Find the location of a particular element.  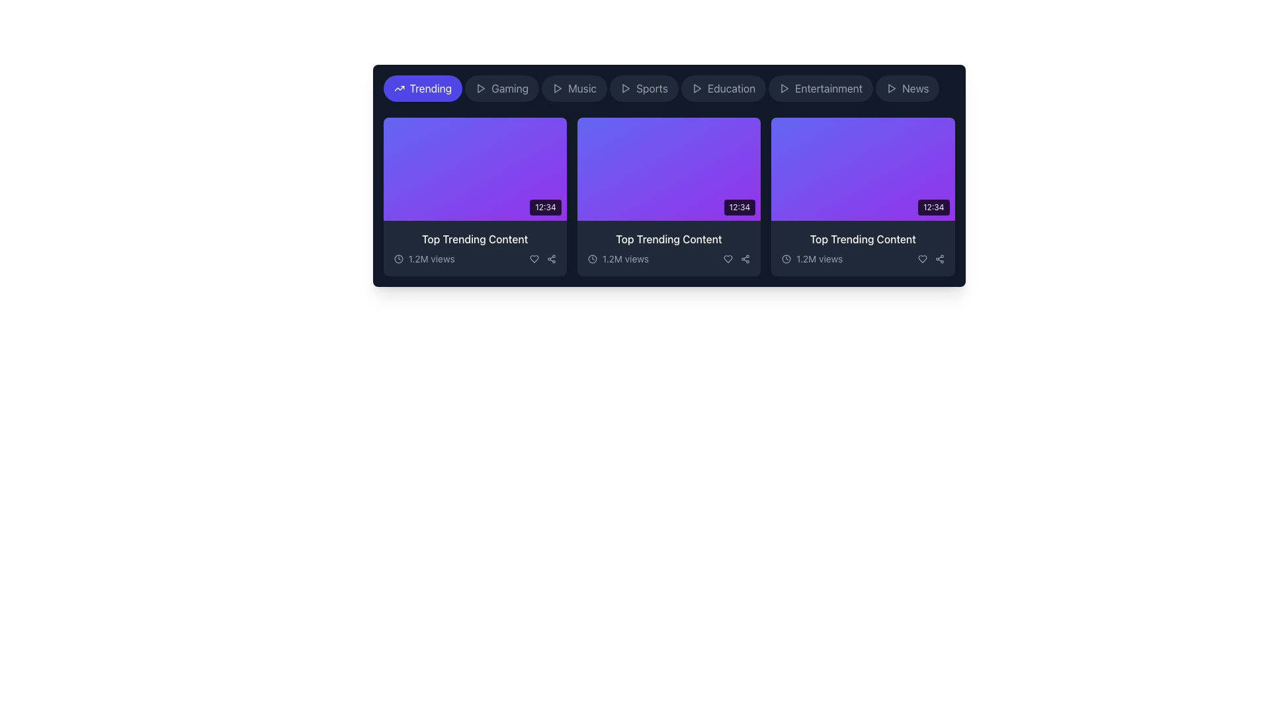

the decorative play icon located to the left of the 'Education' button in the horizontal menu bar is located at coordinates (697, 89).